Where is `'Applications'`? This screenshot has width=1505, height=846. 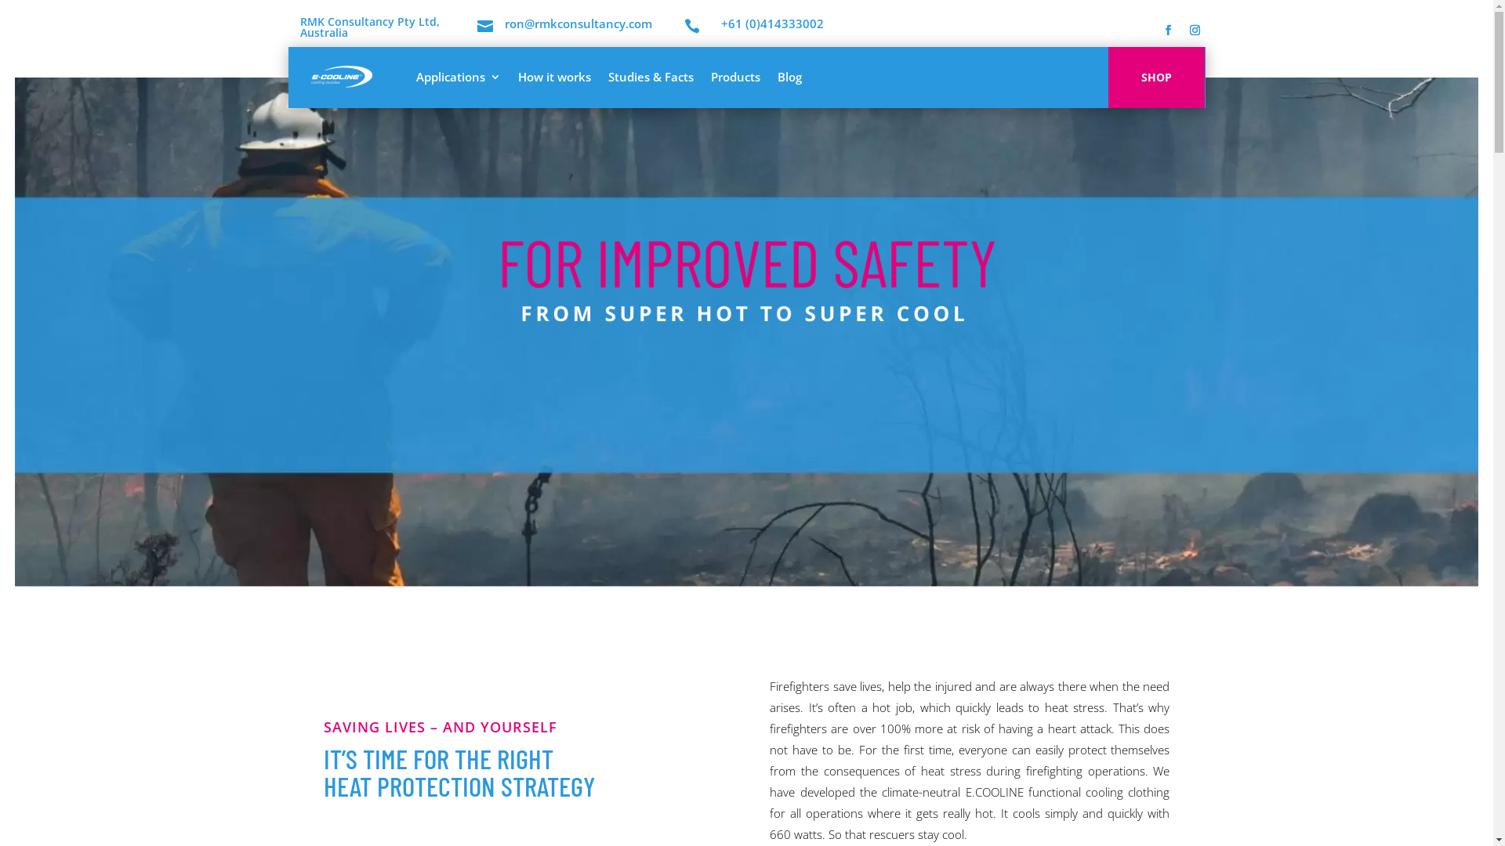 'Applications' is located at coordinates (457, 76).